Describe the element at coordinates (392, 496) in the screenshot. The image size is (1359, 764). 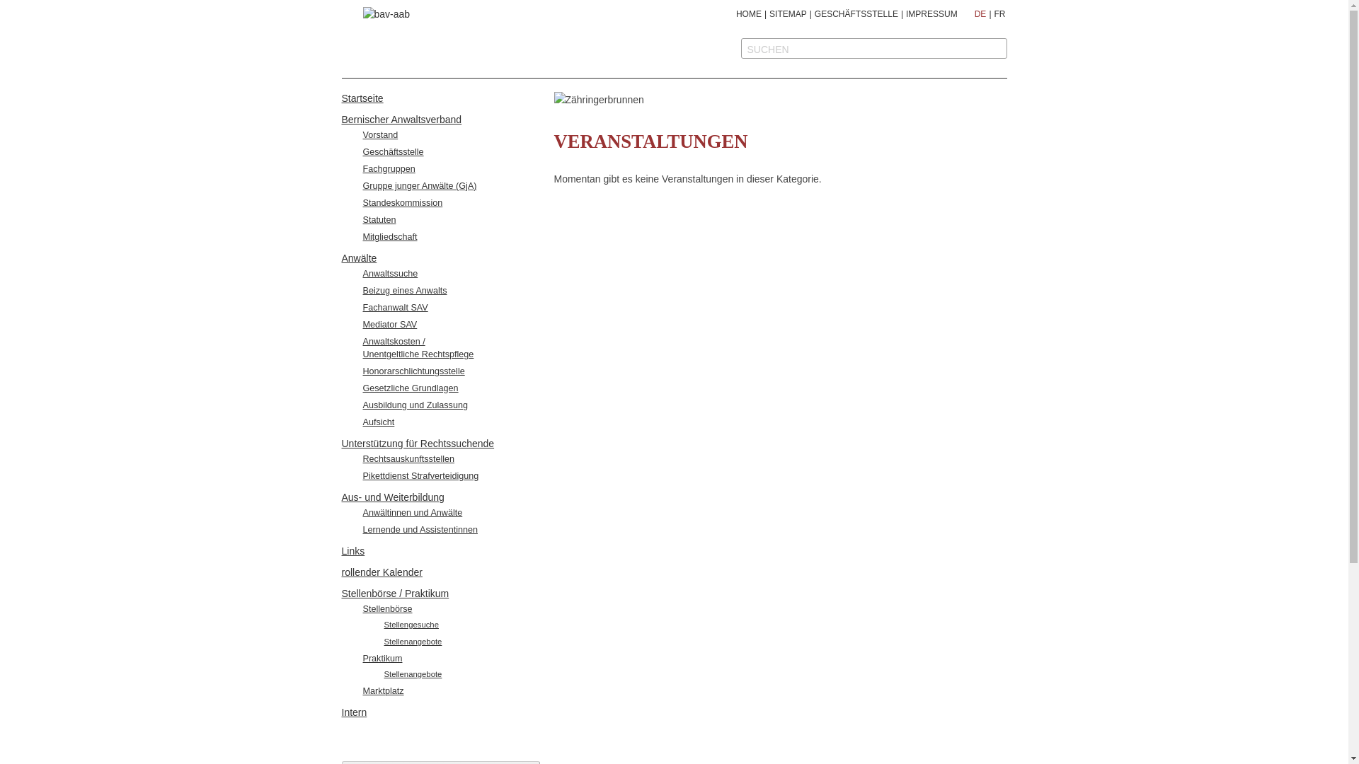
I see `'Aus- und Weiterbildung'` at that location.